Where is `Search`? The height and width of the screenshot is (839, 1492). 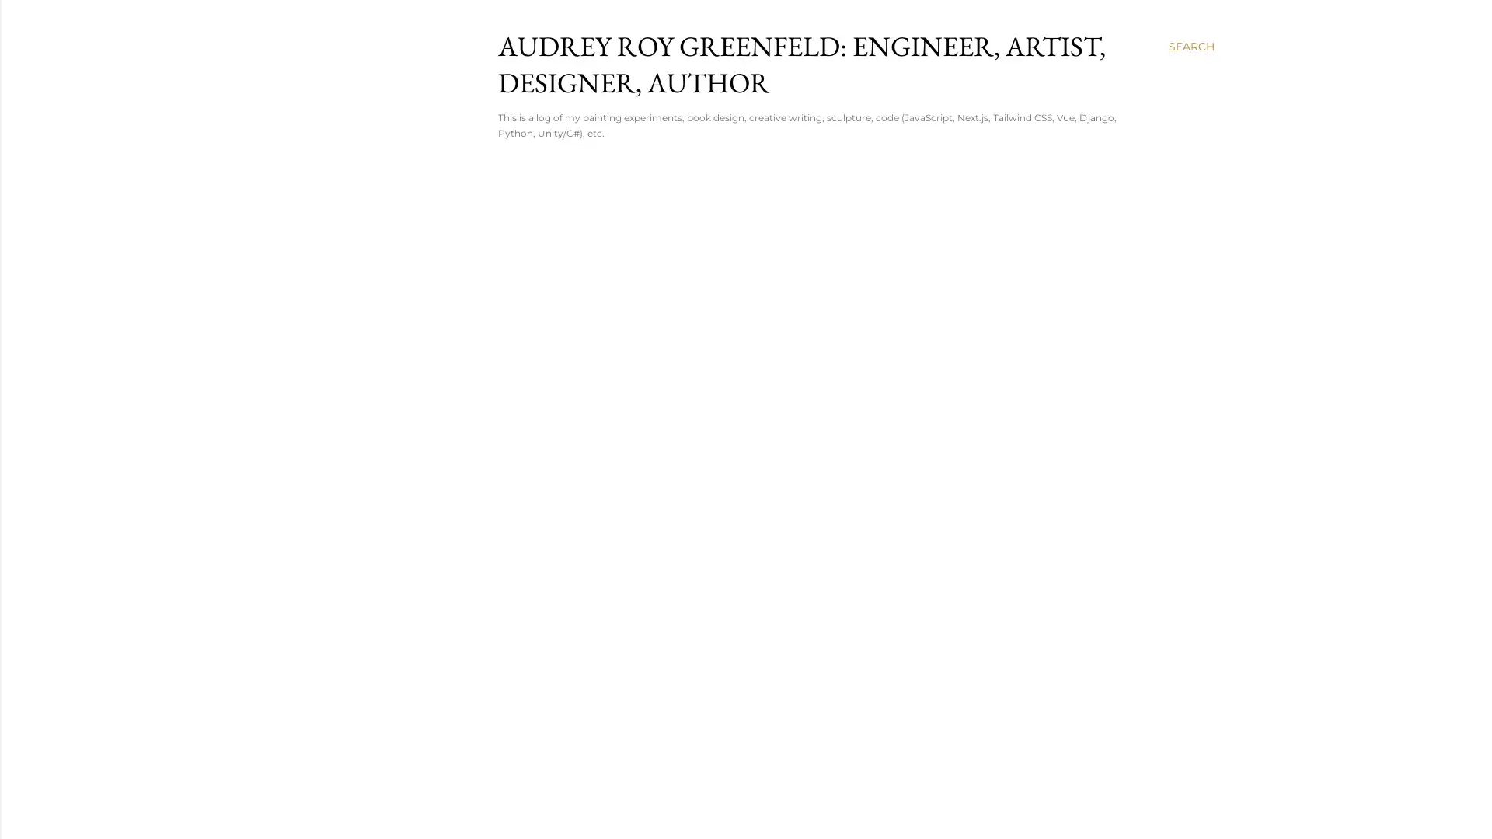 Search is located at coordinates (1190, 46).